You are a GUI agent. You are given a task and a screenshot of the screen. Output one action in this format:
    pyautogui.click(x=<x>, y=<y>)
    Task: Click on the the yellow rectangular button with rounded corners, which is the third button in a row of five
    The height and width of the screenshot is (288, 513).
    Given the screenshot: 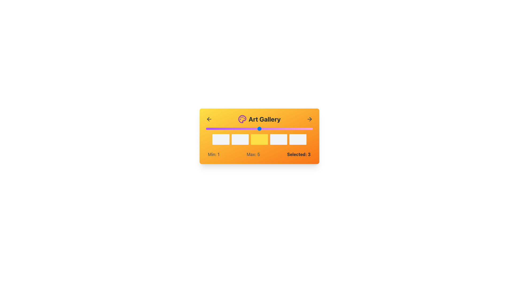 What is the action you would take?
    pyautogui.click(x=259, y=139)
    